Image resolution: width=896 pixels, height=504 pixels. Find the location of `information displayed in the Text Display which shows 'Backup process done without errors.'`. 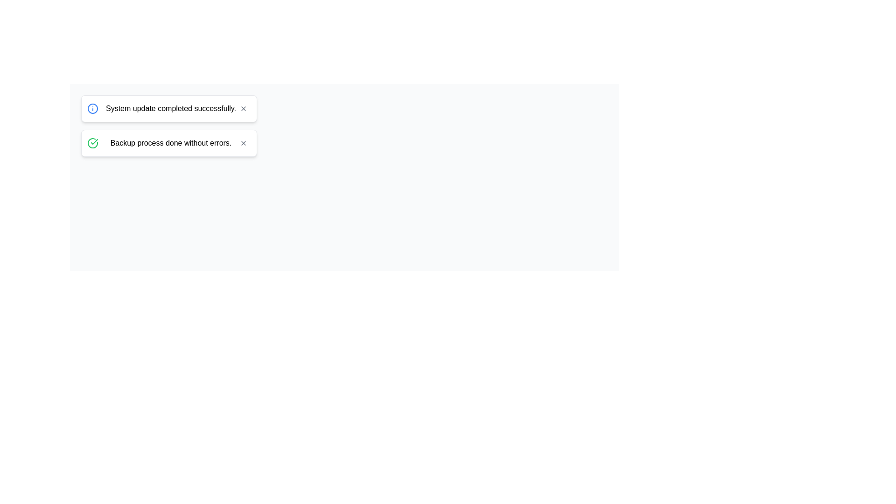

information displayed in the Text Display which shows 'Backup process done without errors.' is located at coordinates (171, 143).